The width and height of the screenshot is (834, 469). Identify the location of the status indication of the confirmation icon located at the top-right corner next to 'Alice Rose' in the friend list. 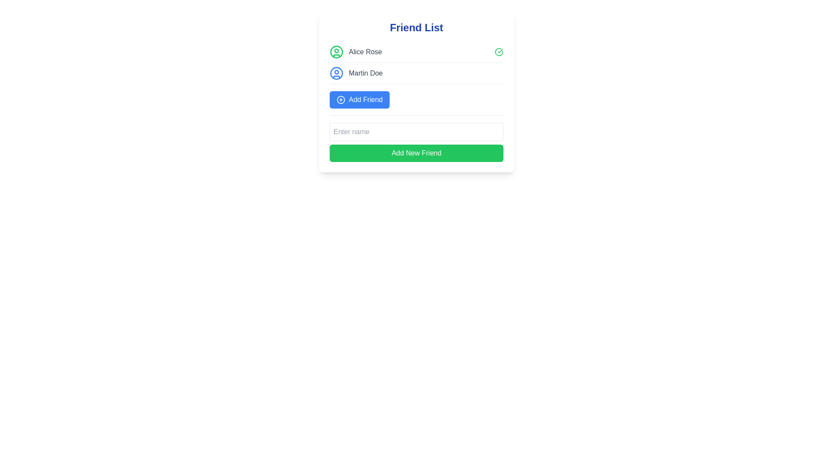
(499, 52).